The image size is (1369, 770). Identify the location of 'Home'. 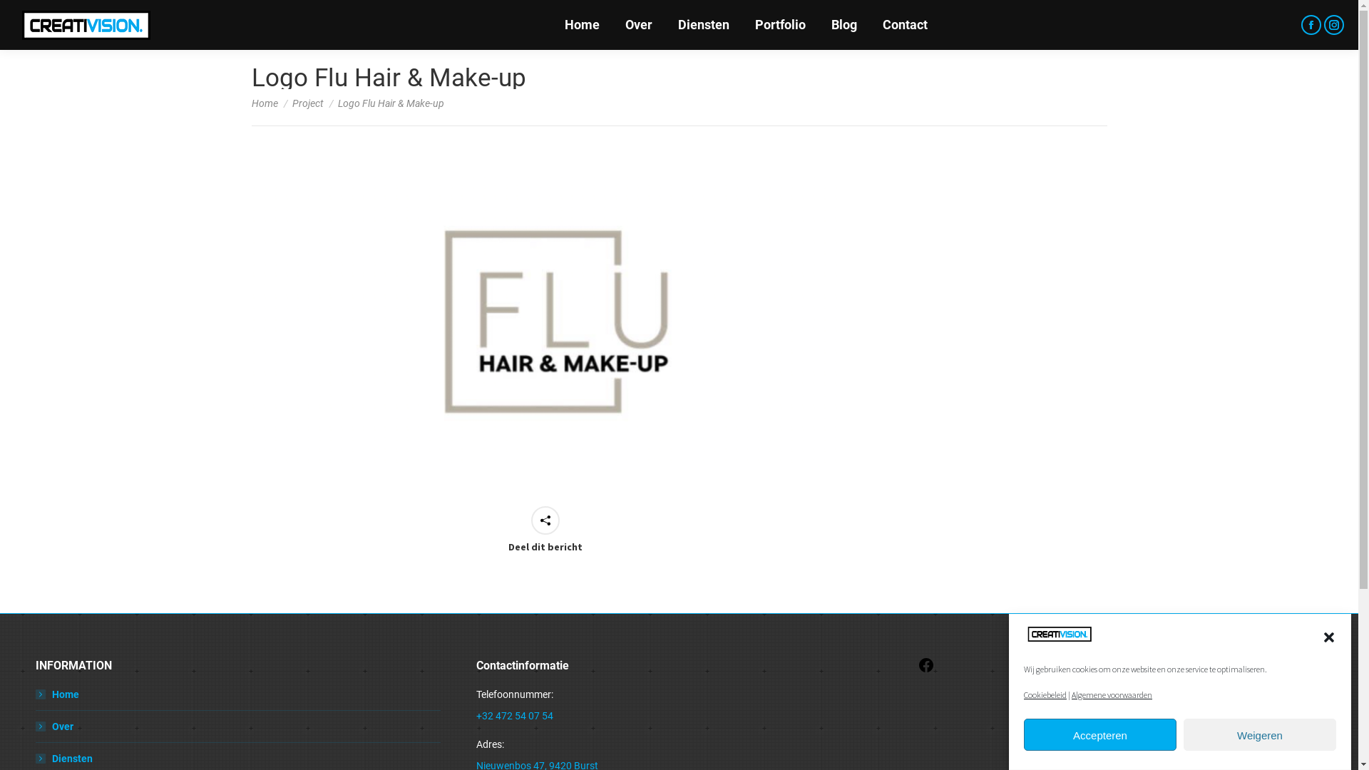
(35, 694).